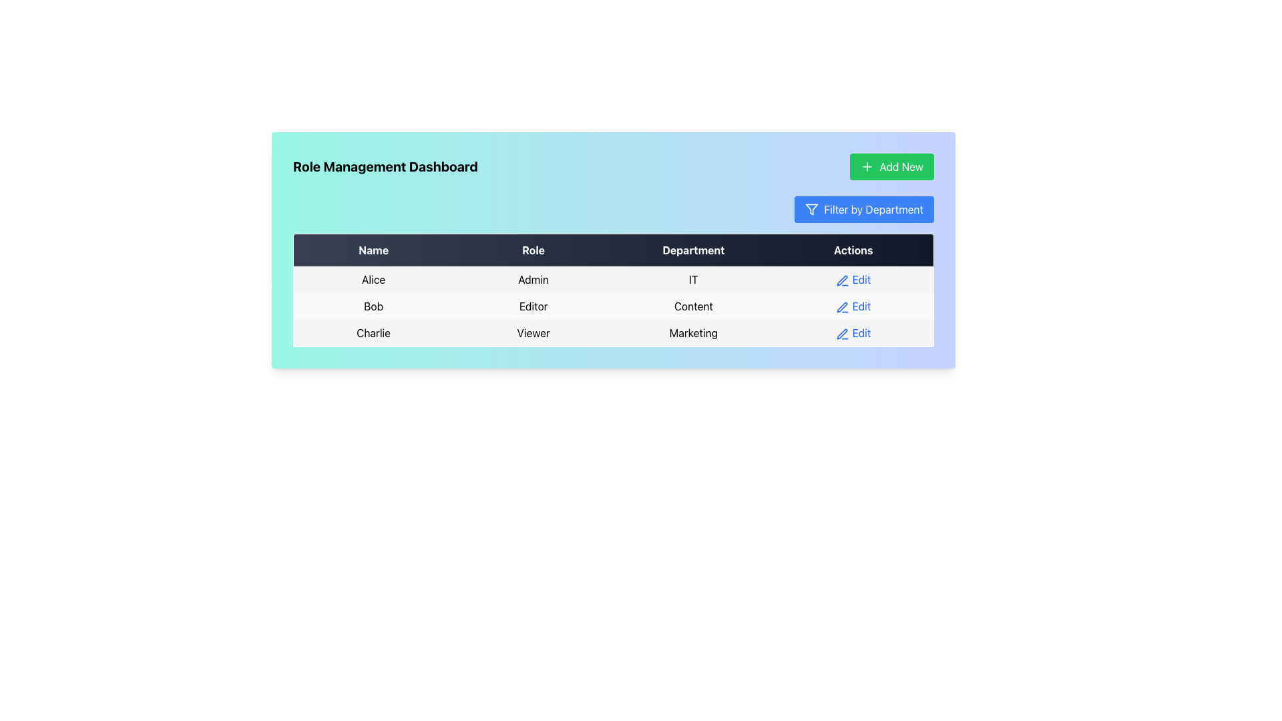  What do you see at coordinates (853, 332) in the screenshot?
I see `the 'Edit' hyperlink button with a pen icon associated with 'Charlie - Viewer - Marketing'` at bounding box center [853, 332].